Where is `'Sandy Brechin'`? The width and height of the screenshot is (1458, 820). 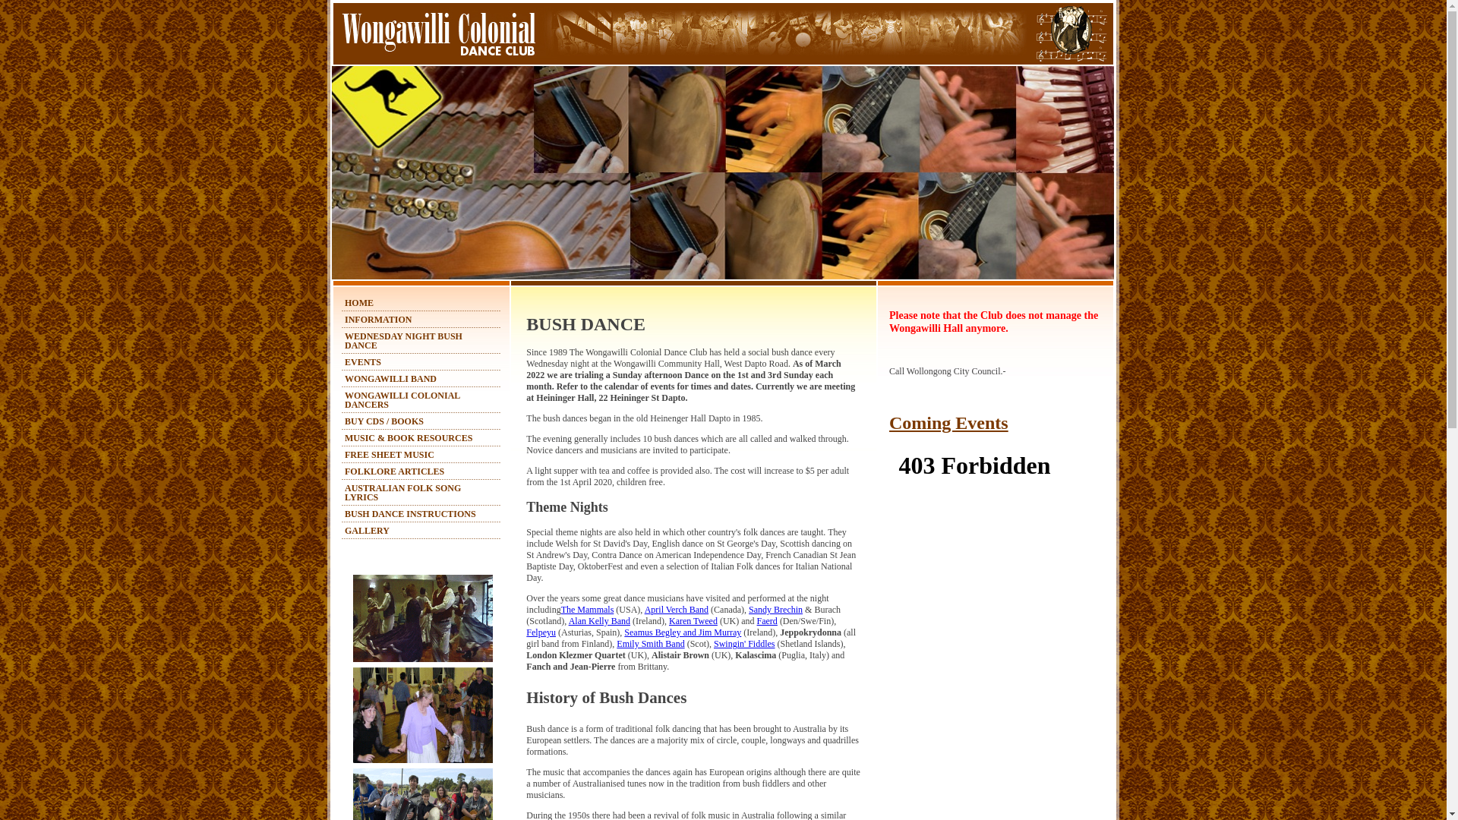 'Sandy Brechin' is located at coordinates (775, 608).